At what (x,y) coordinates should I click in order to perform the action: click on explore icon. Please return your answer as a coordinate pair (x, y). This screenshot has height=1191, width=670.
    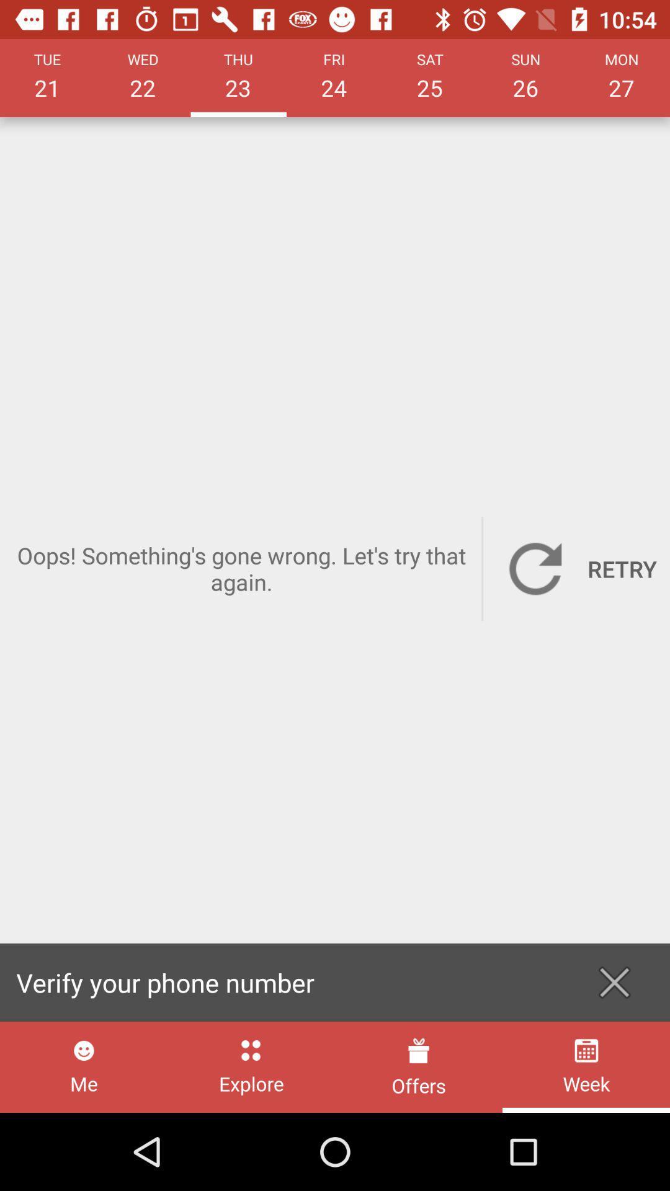
    Looking at the image, I should click on (251, 1066).